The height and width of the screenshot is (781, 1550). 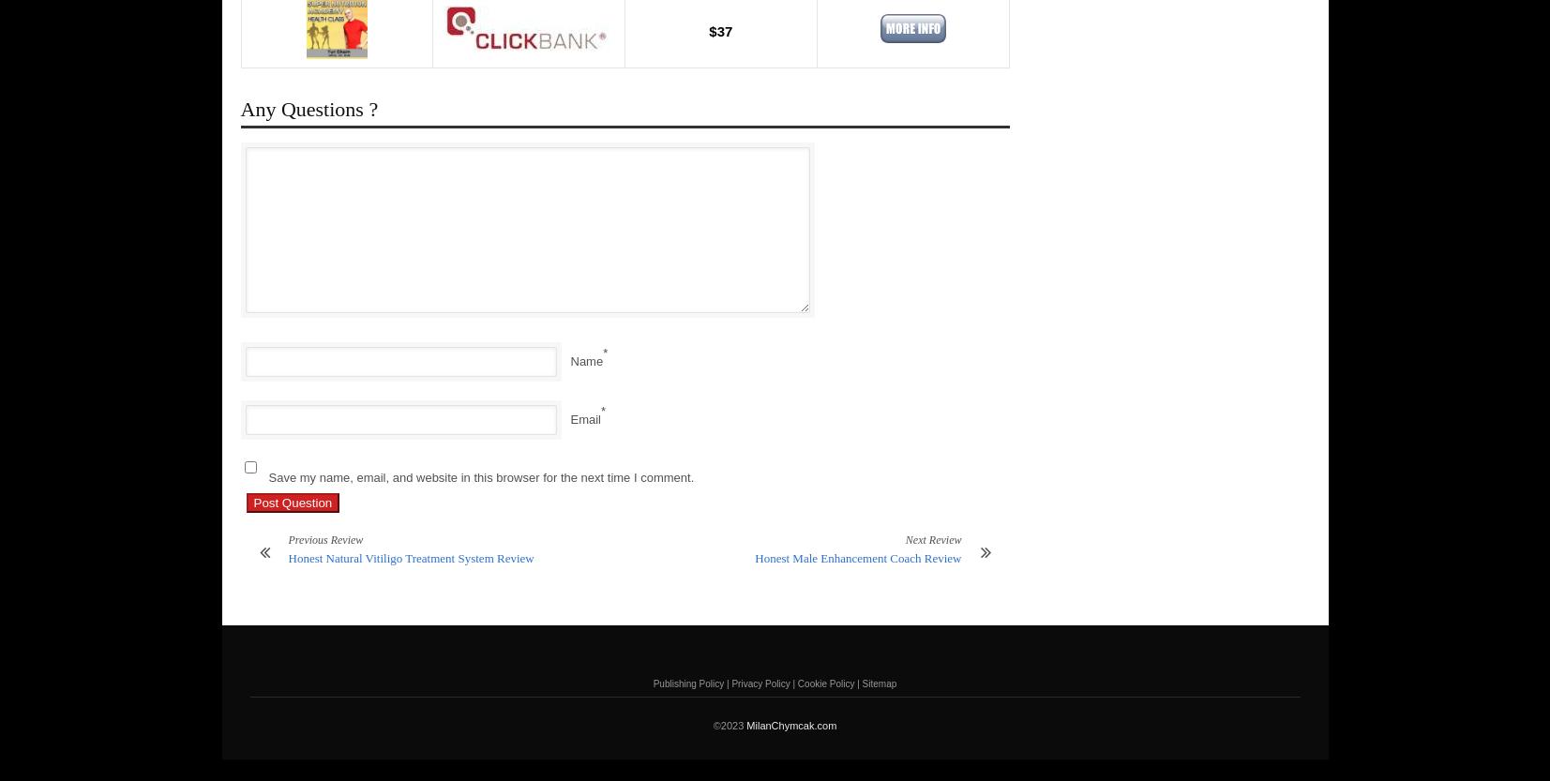 What do you see at coordinates (759, 683) in the screenshot?
I see `'Privacy Policy'` at bounding box center [759, 683].